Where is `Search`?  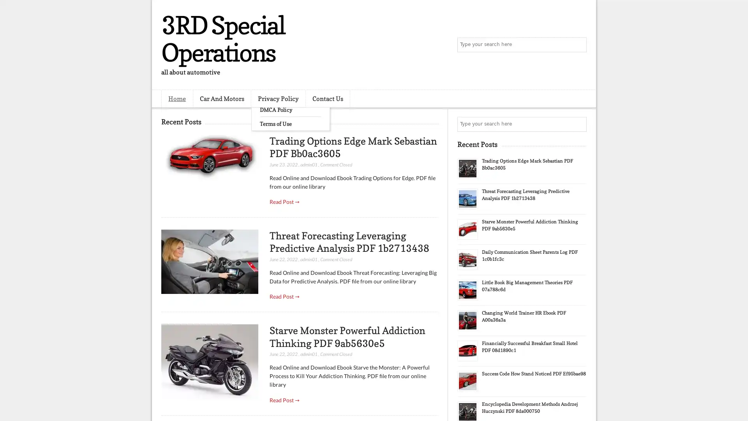
Search is located at coordinates (579, 124).